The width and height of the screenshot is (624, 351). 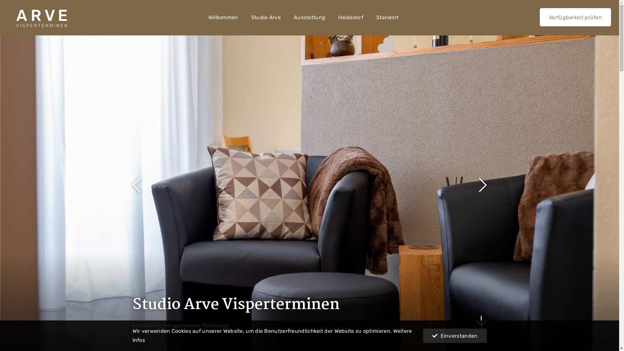 I want to click on 'Willkommen', so click(x=208, y=17).